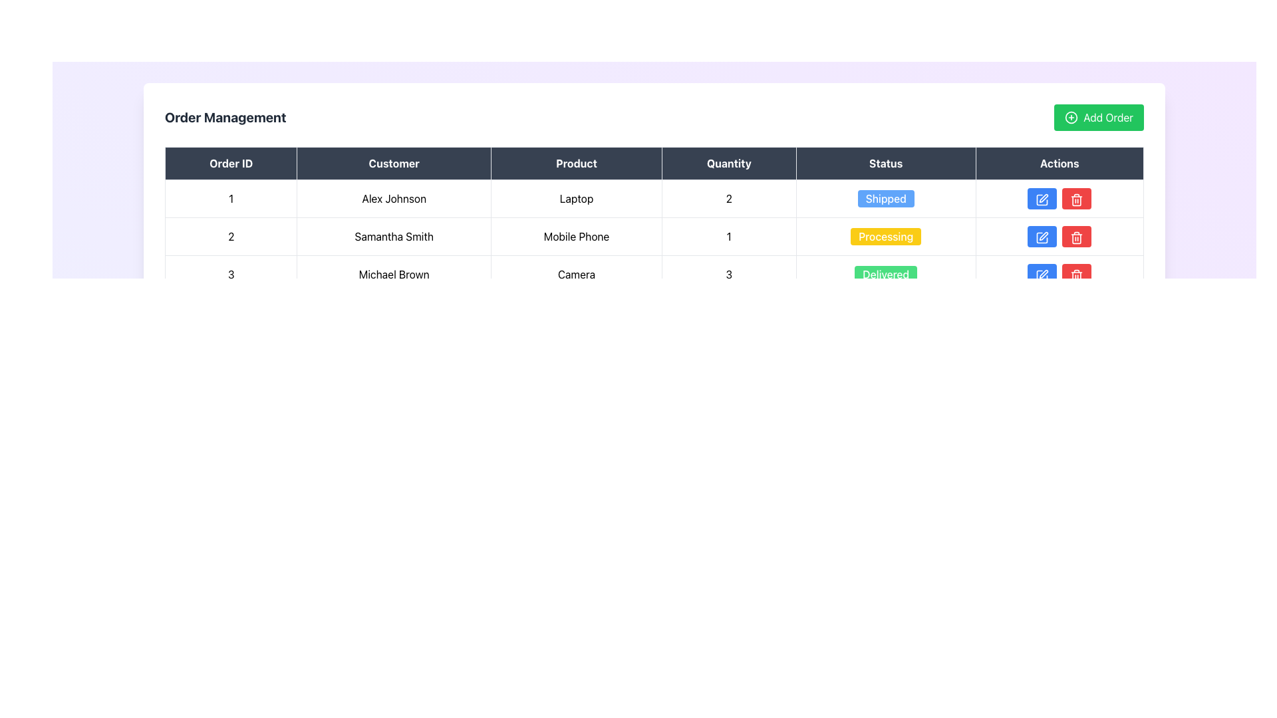 The image size is (1277, 718). Describe the element at coordinates (577, 273) in the screenshot. I see `the text label that reads 'Camera' in the 'Product' column for the customer 'Michael Brown'` at that location.